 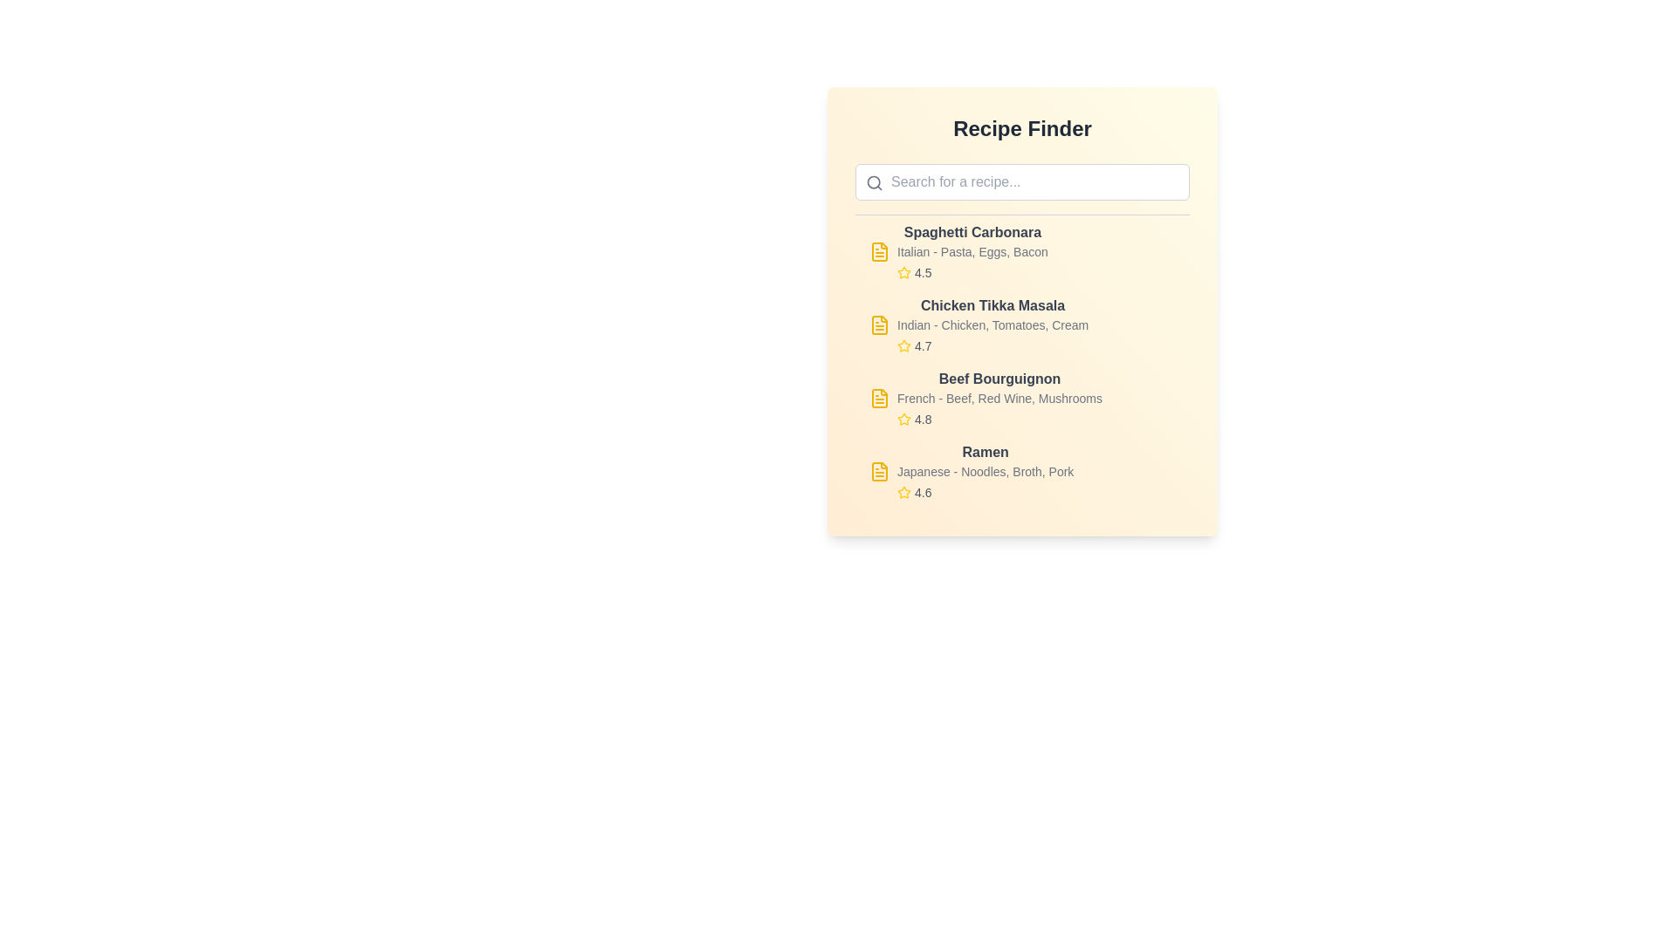 I want to click on the yellow document icon positioned to the left of the 'Spaghetti Carbonara' recipe title if it is interactive, so click(x=880, y=252).